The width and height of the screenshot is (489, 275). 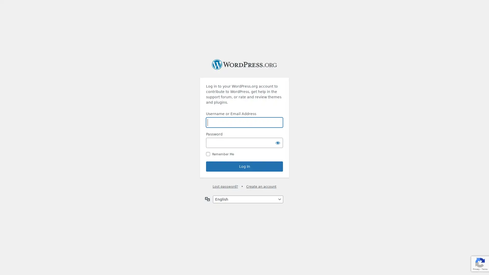 I want to click on Show password, so click(x=277, y=143).